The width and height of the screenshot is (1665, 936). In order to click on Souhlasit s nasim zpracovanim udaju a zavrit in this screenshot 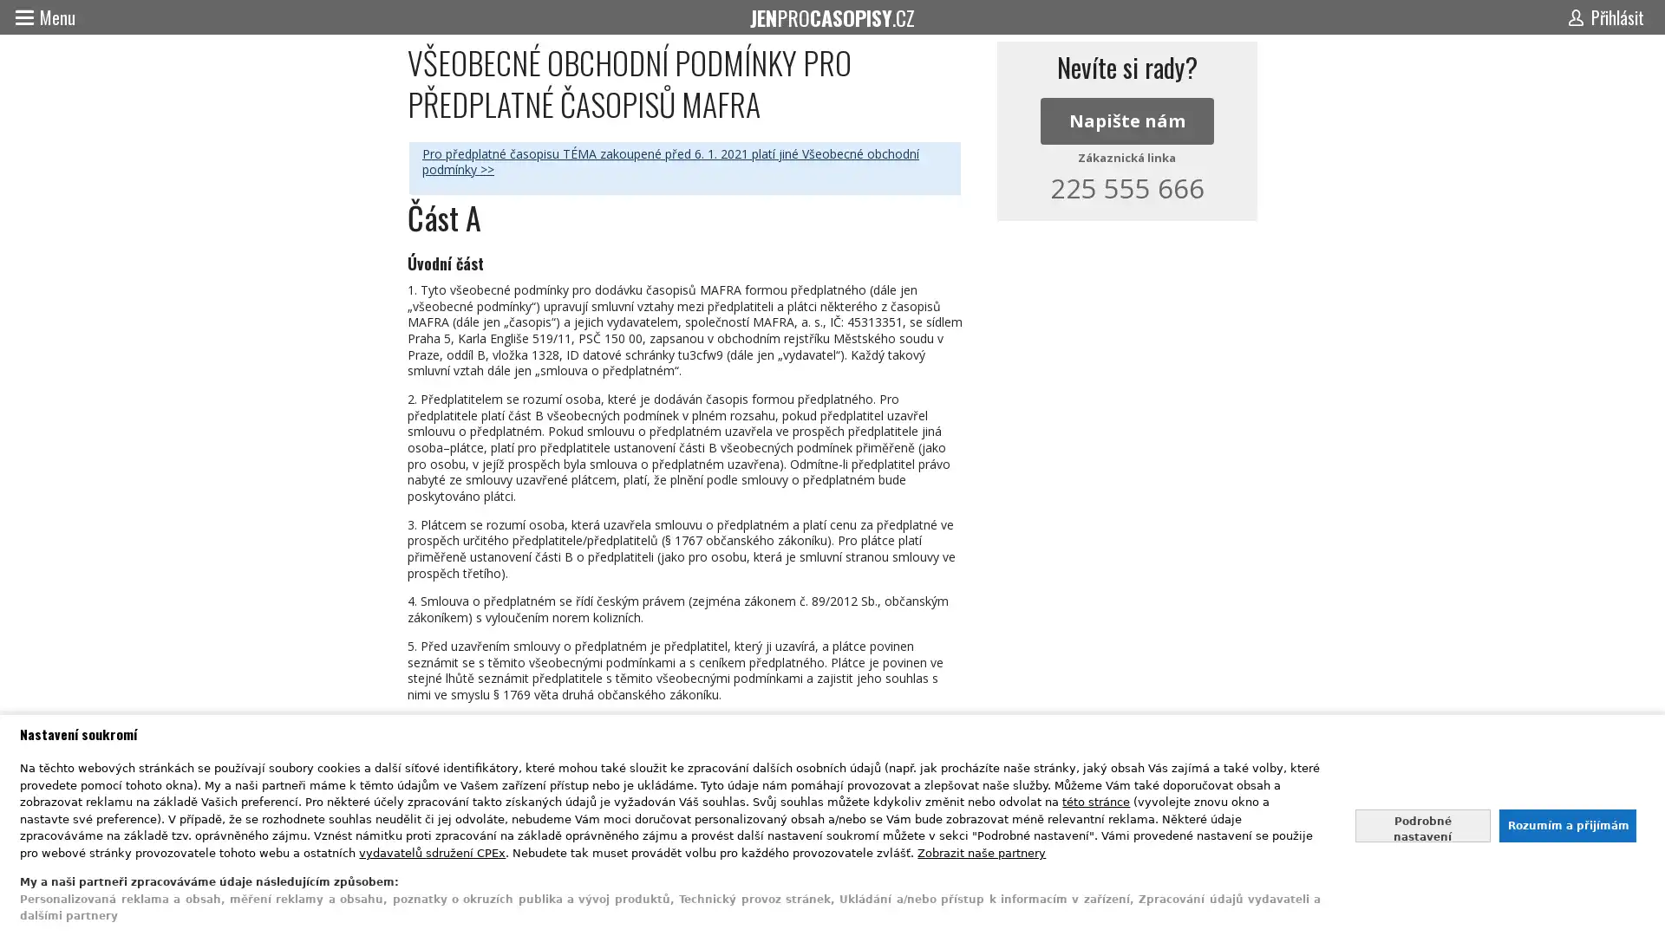, I will do `click(1566, 824)`.